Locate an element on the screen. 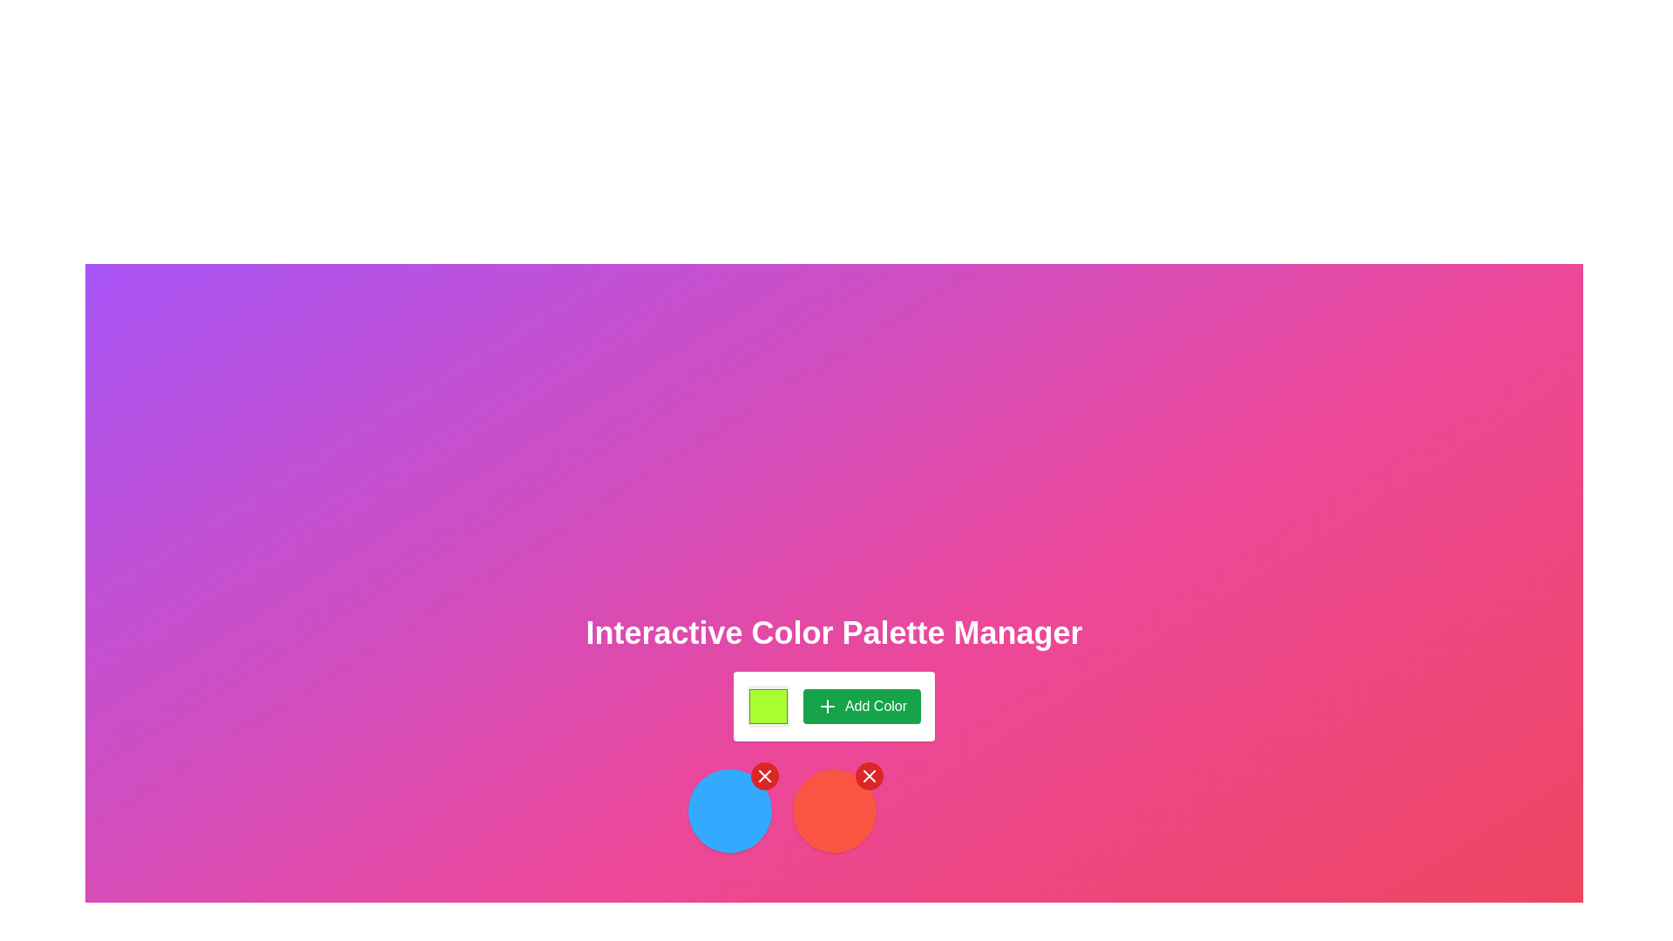 The image size is (1673, 941). the 'Add Color' button, which is represented by a plus icon centered within a green button, located below the 'Interactive Color Palette Manager' text is located at coordinates (826, 706).